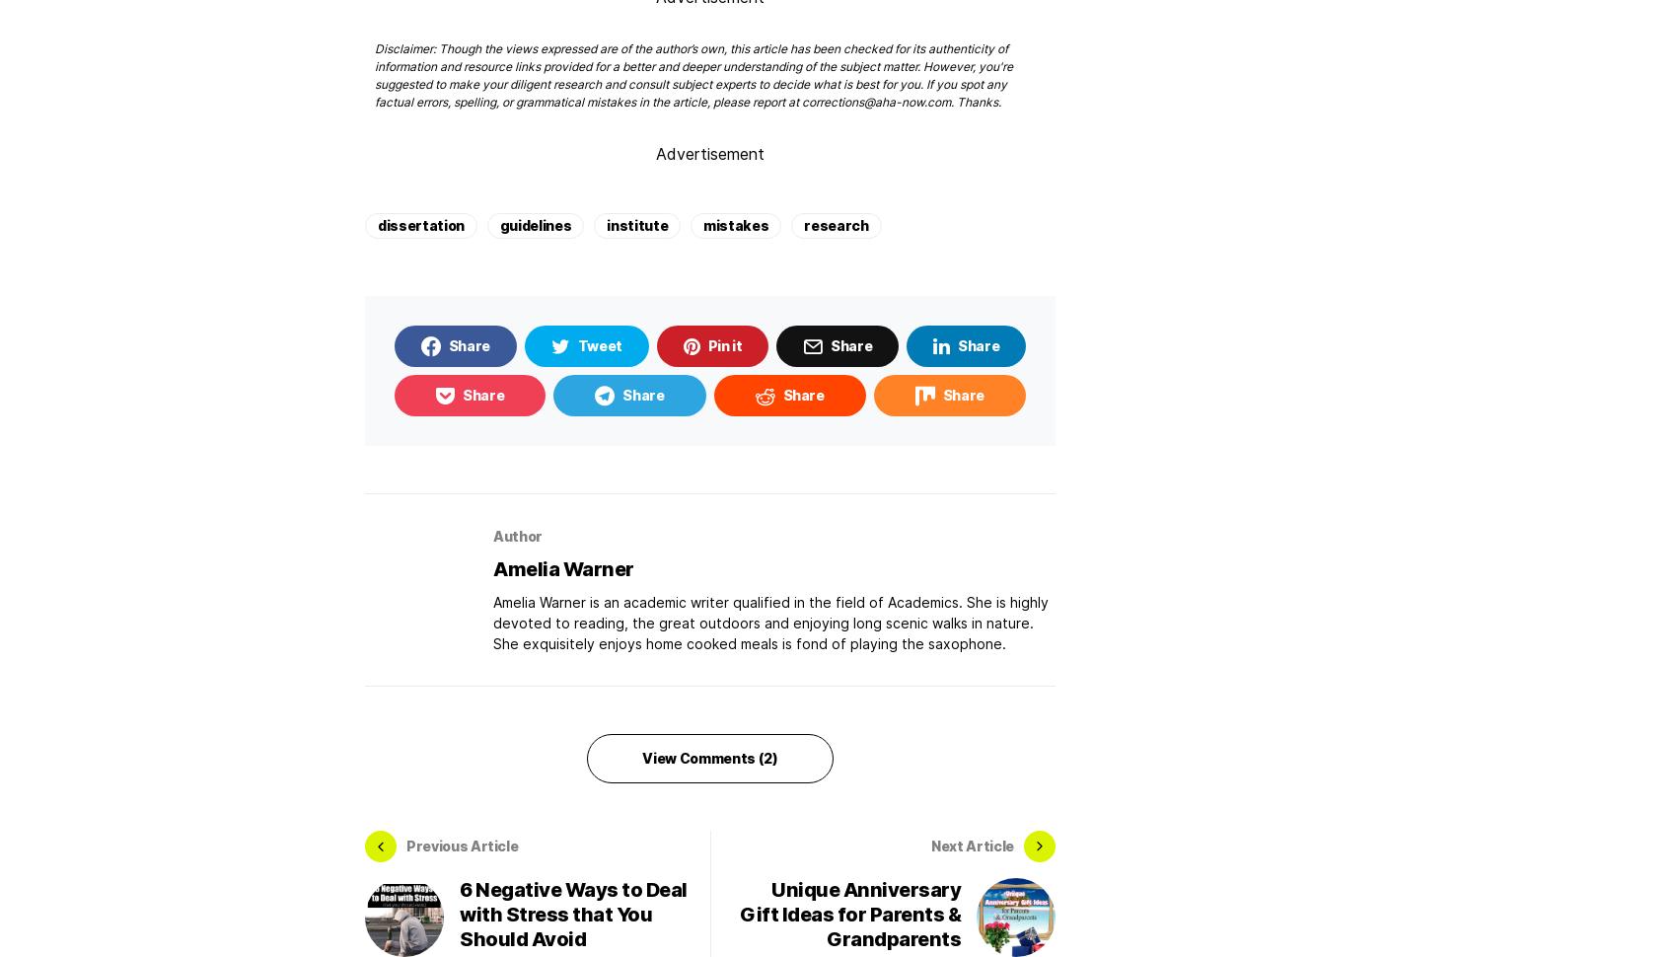 This screenshot has height=957, width=1677. Describe the element at coordinates (724, 343) in the screenshot. I see `'Pin it'` at that location.